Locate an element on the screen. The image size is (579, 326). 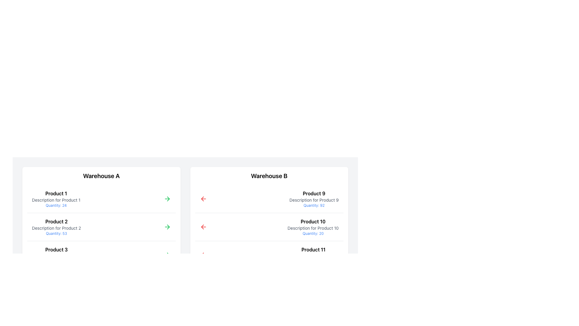
details of the text block displaying 'Product 9', which includes its name, description, and quantity, located in the Warehouse B section is located at coordinates (314, 199).